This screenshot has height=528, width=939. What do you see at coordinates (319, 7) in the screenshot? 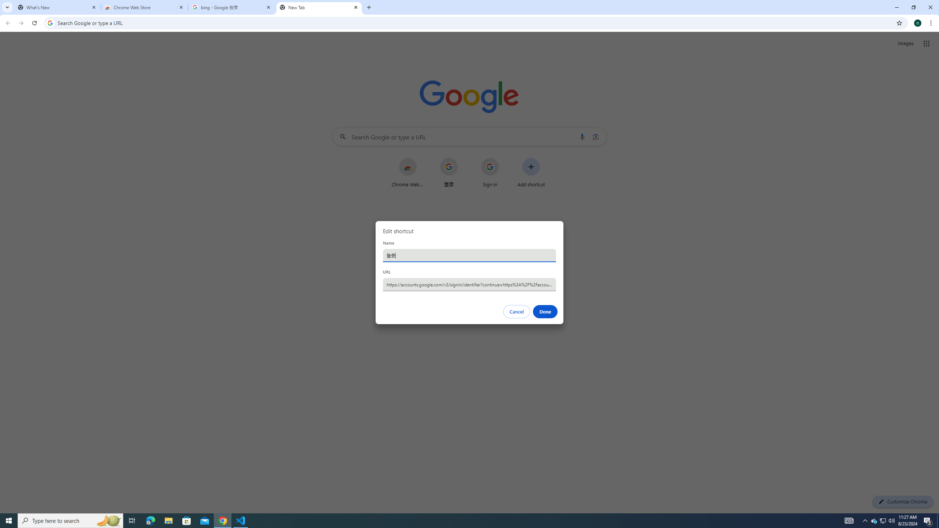
I see `'New Tab'` at bounding box center [319, 7].